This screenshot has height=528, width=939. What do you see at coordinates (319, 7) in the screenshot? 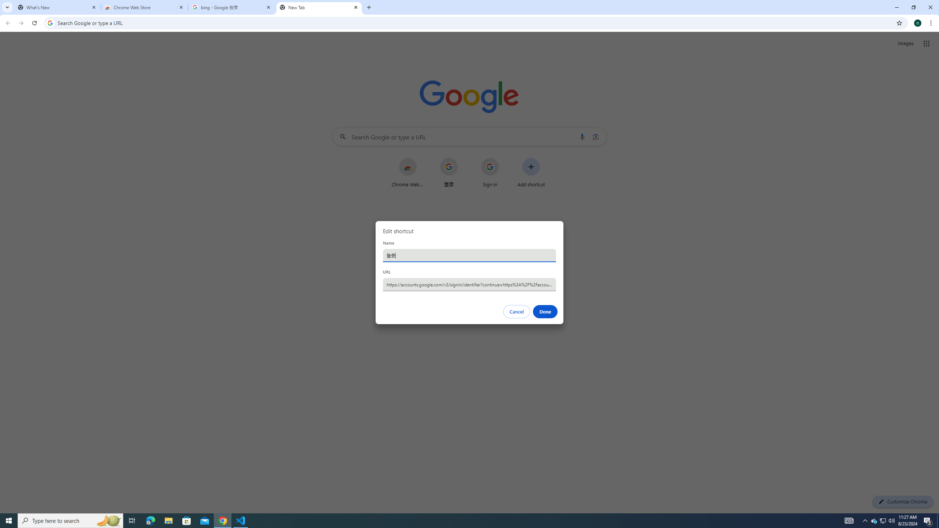
I see `'New Tab'` at bounding box center [319, 7].